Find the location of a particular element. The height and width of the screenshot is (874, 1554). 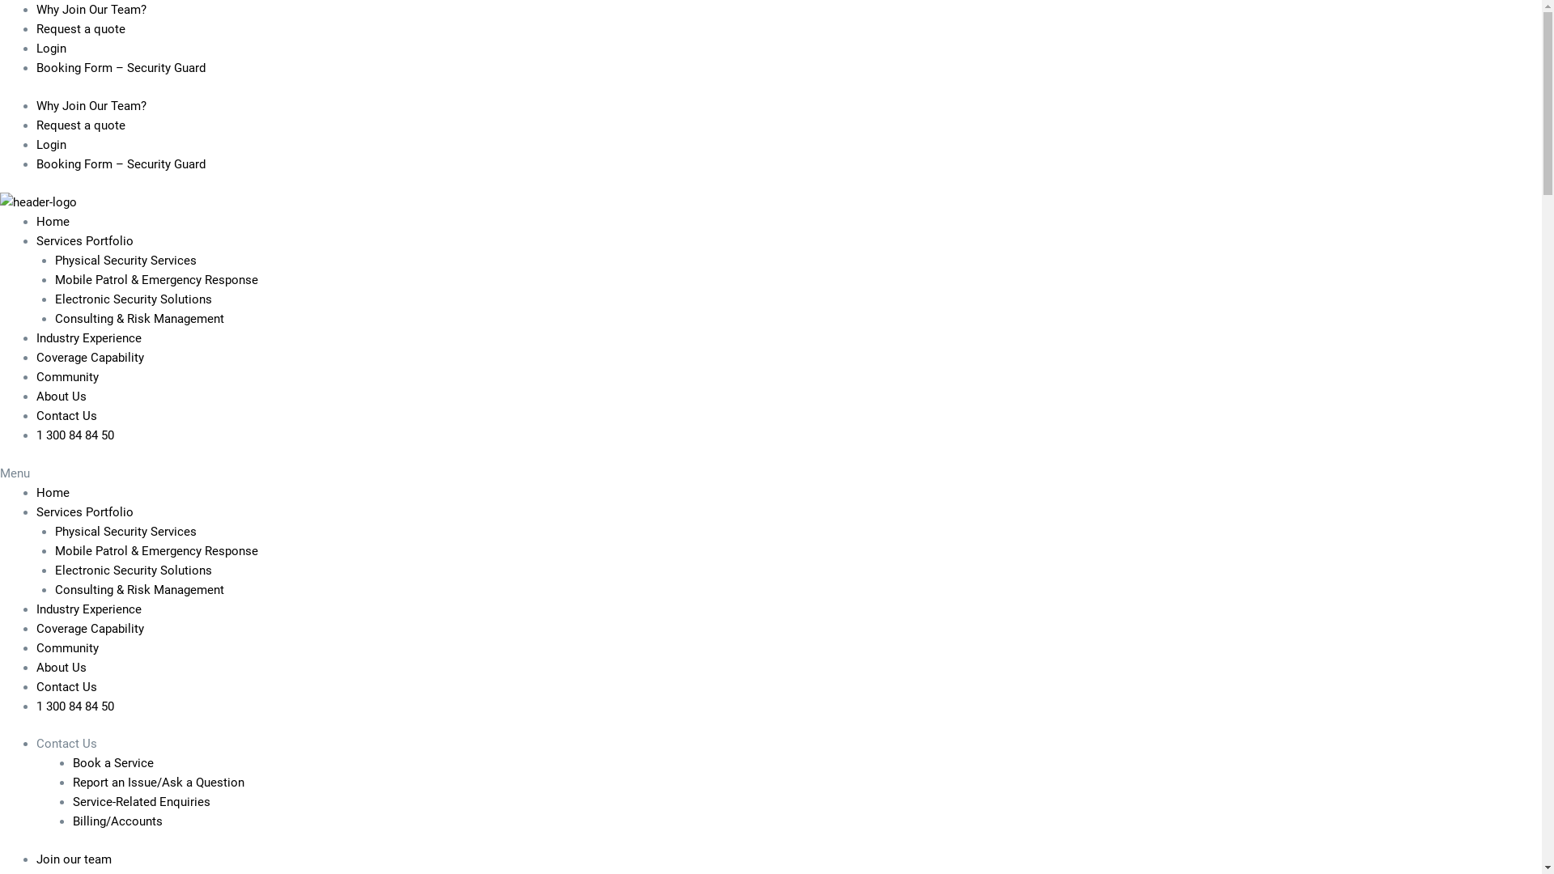

'Consulting & Risk Management' is located at coordinates (54, 590).